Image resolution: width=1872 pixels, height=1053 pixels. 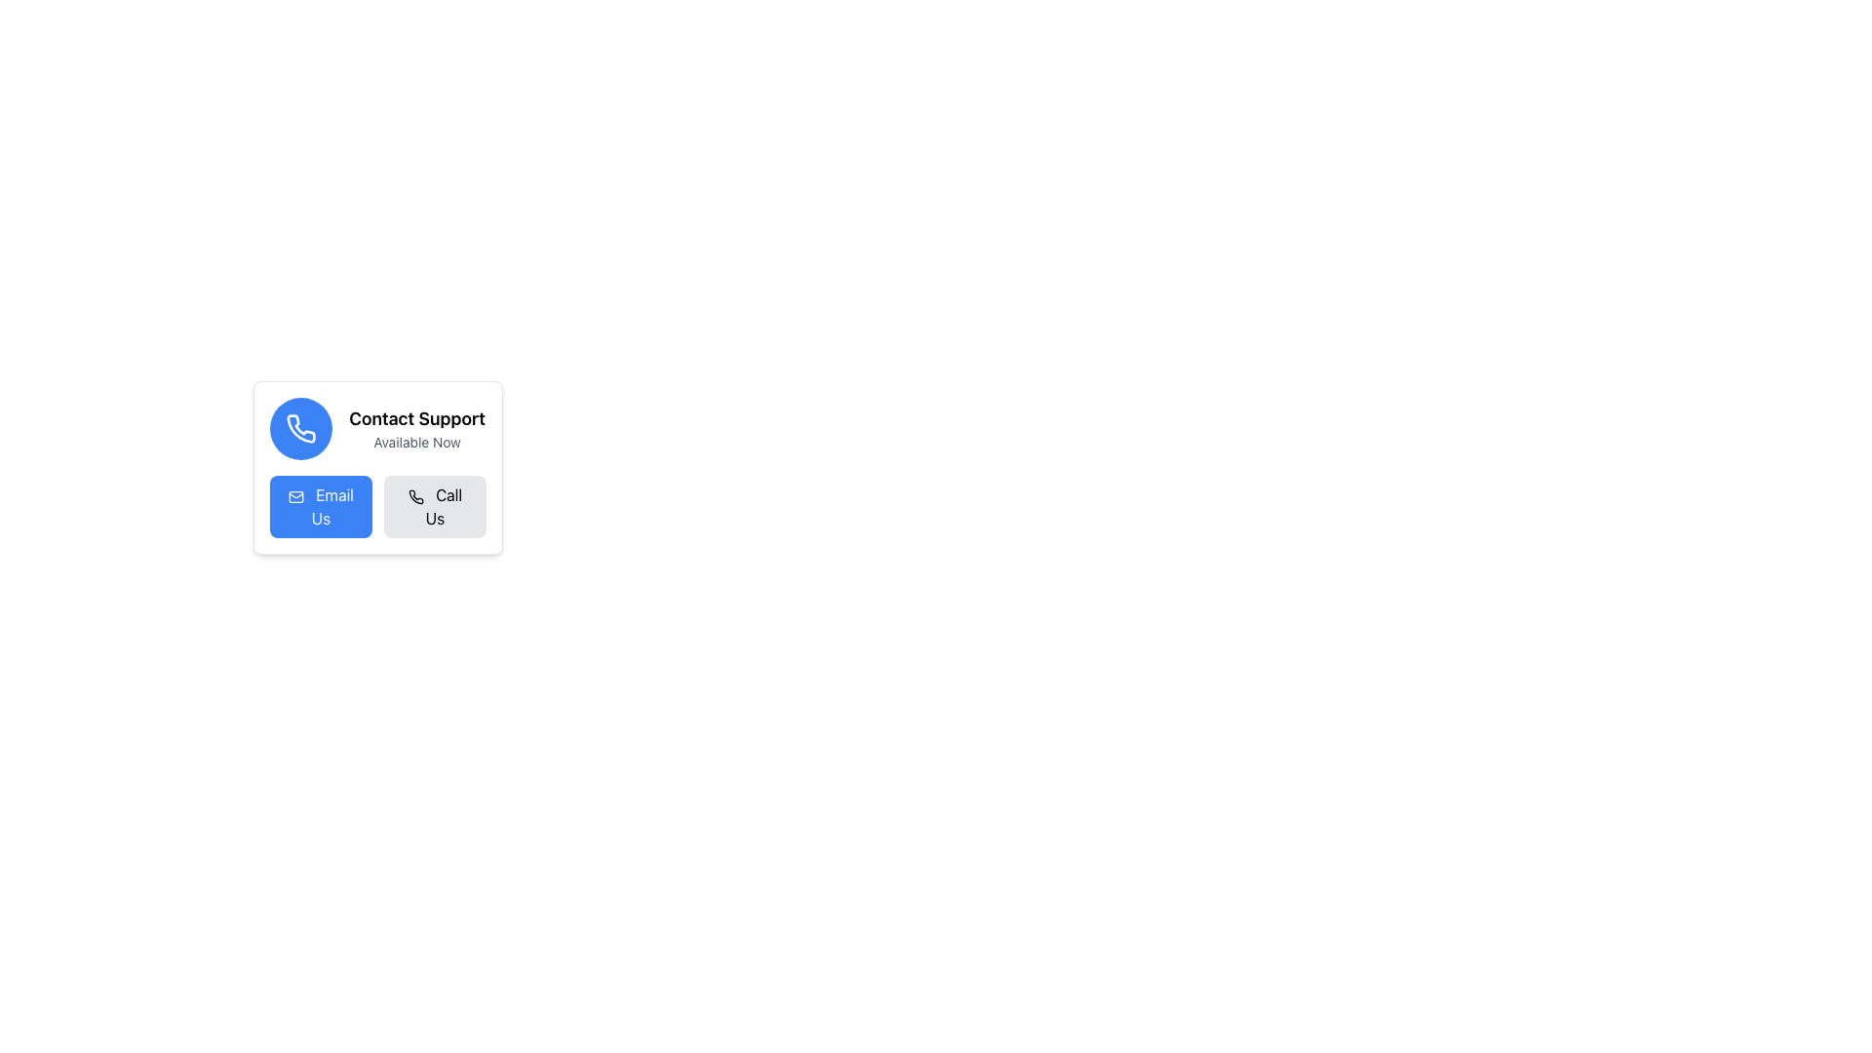 What do you see at coordinates (294, 495) in the screenshot?
I see `the email icon located on the left side of the 'Email Us' button at the bottom-left of the card layout` at bounding box center [294, 495].